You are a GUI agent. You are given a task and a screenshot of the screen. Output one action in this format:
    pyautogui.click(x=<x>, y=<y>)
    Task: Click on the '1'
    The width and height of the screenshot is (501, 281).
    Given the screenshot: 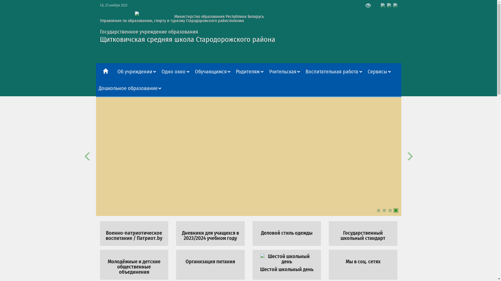 What is the action you would take?
    pyautogui.click(x=378, y=210)
    